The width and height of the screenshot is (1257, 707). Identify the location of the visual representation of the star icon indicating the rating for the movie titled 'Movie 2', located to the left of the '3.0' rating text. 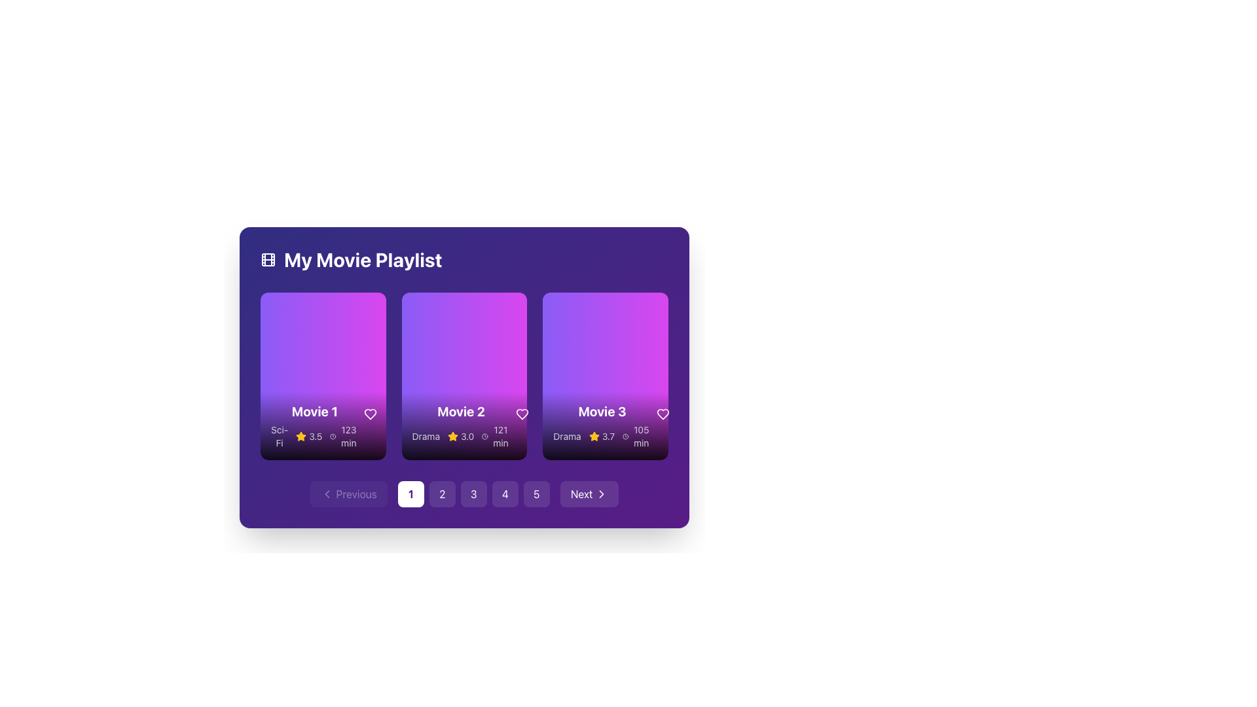
(593, 436).